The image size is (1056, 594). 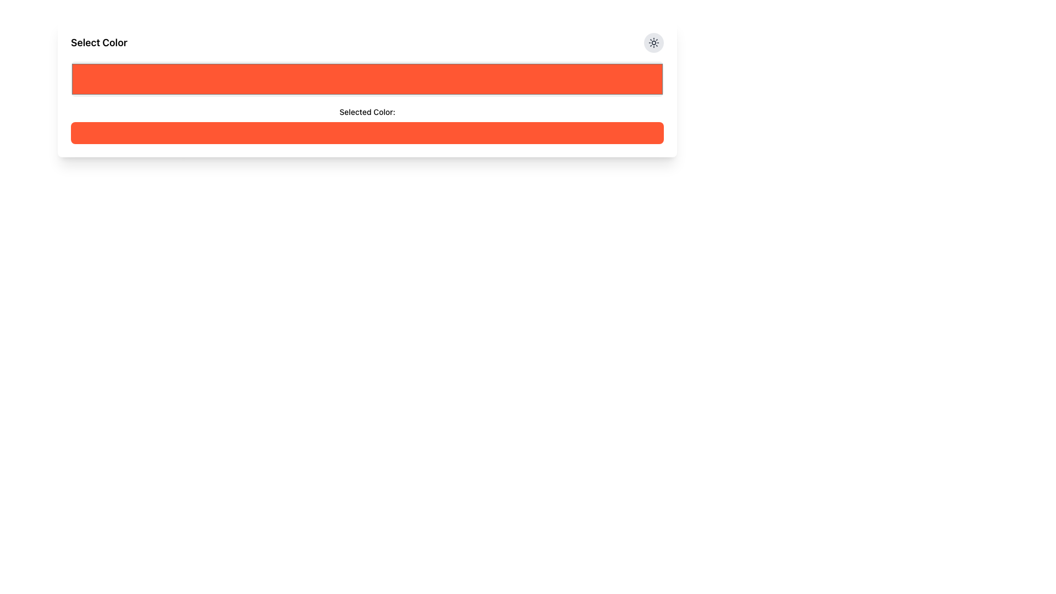 What do you see at coordinates (654, 42) in the screenshot?
I see `the circular button with a sun icon located at the far right of the header bar labeled 'Select Color'` at bounding box center [654, 42].